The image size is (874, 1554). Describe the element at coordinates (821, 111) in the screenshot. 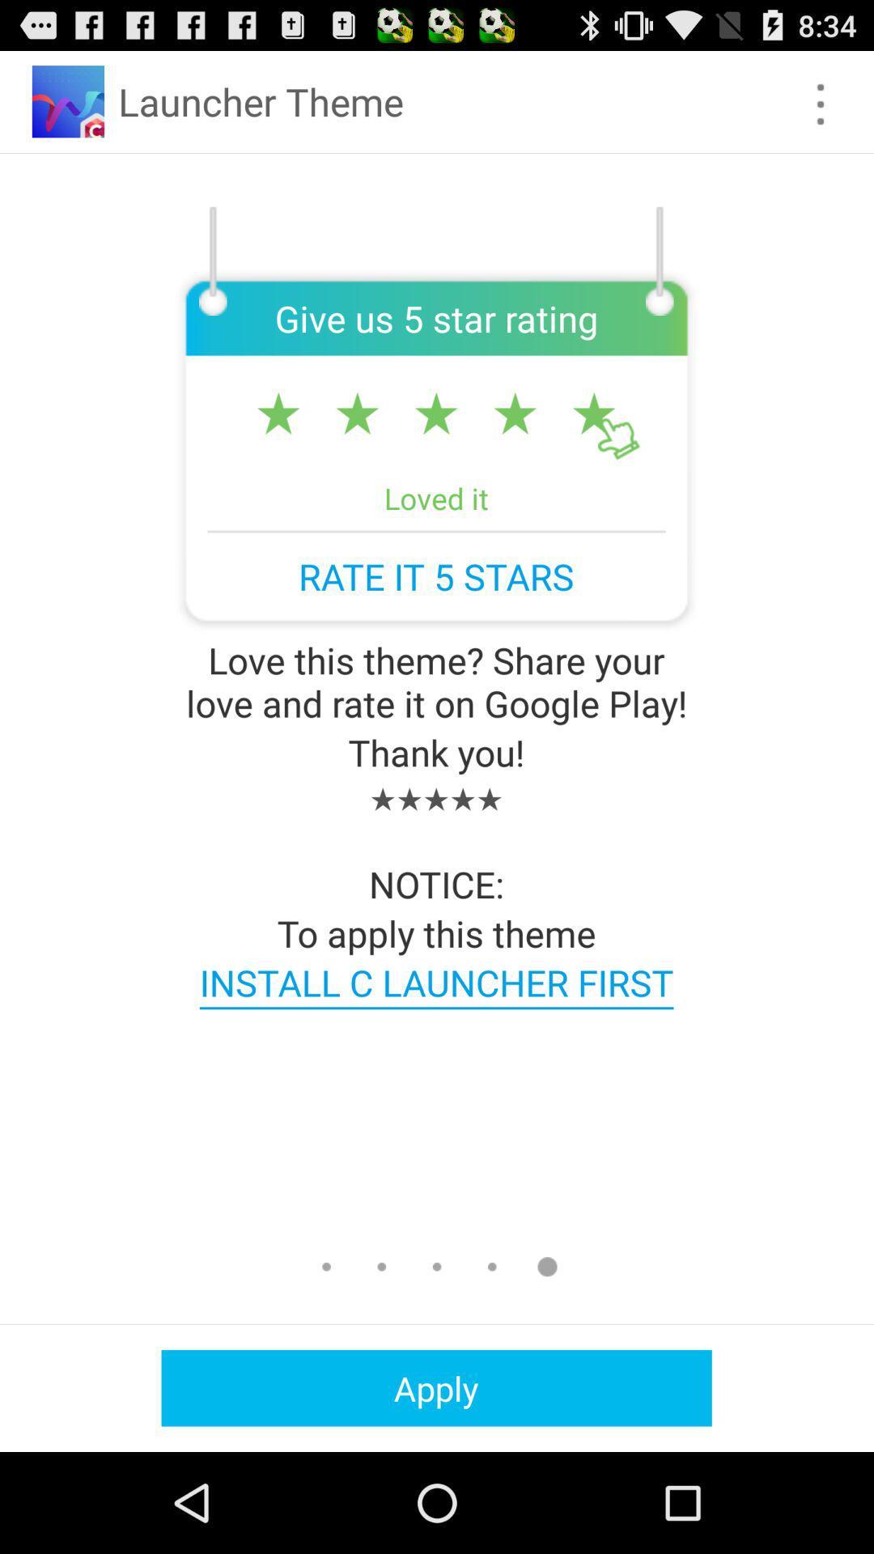

I see `the more icon` at that location.